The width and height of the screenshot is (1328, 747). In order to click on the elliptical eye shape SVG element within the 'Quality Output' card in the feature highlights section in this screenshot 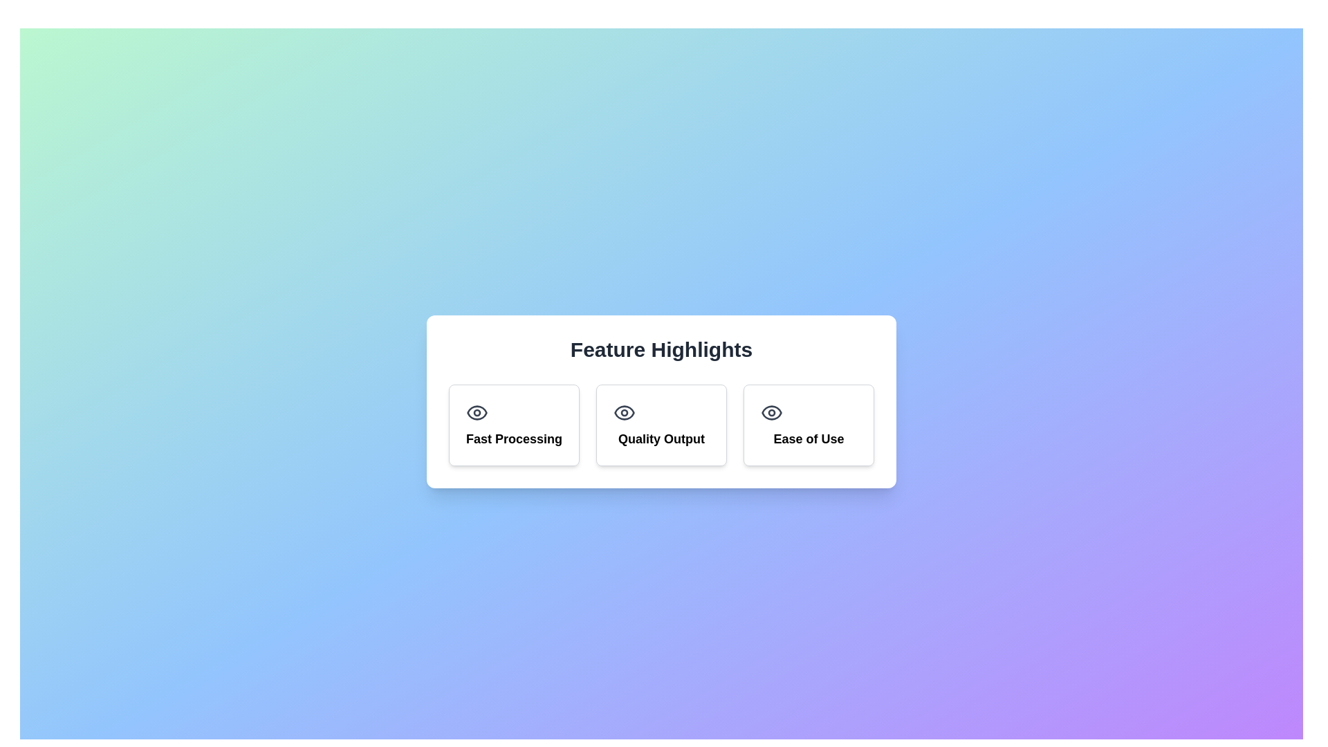, I will do `click(623, 412)`.